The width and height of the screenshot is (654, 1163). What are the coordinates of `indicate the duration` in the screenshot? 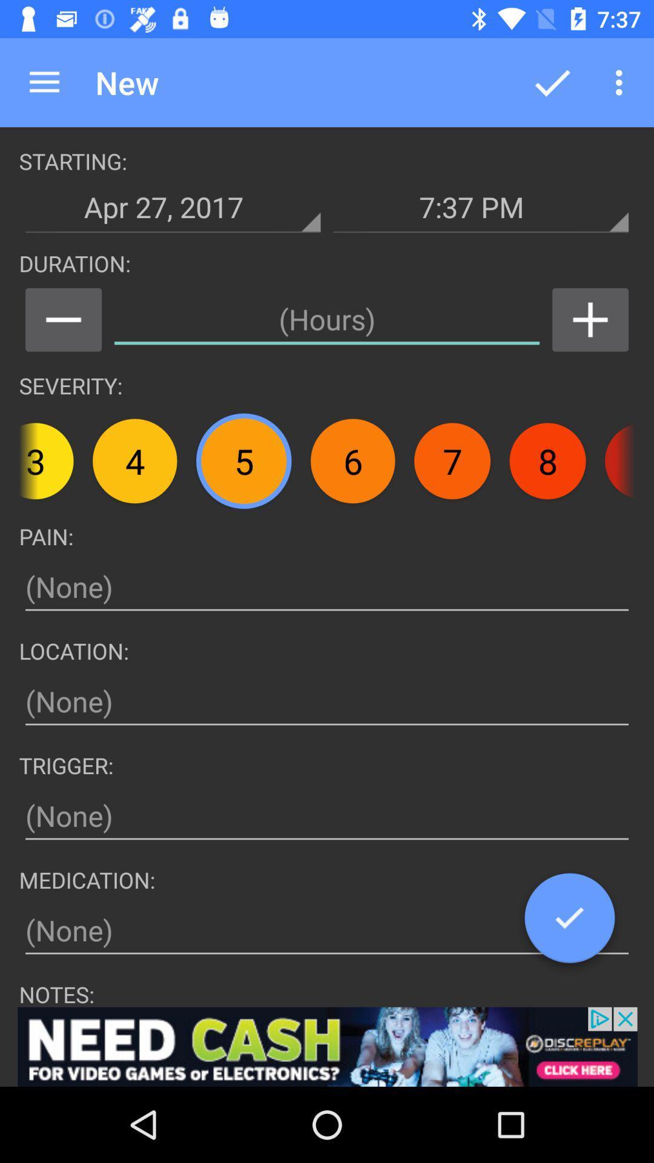 It's located at (327, 320).